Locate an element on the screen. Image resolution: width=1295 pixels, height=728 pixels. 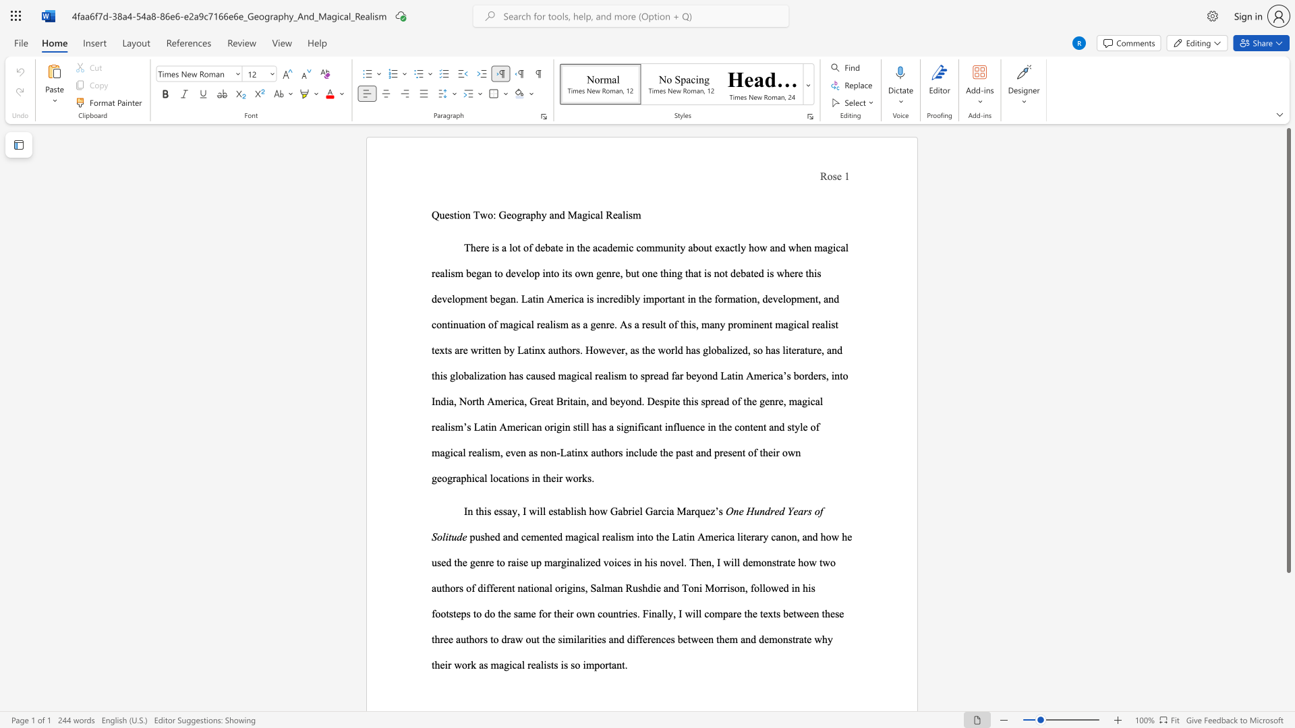
the subset text "ay" within the text "In this essay, I will" is located at coordinates (507, 511).